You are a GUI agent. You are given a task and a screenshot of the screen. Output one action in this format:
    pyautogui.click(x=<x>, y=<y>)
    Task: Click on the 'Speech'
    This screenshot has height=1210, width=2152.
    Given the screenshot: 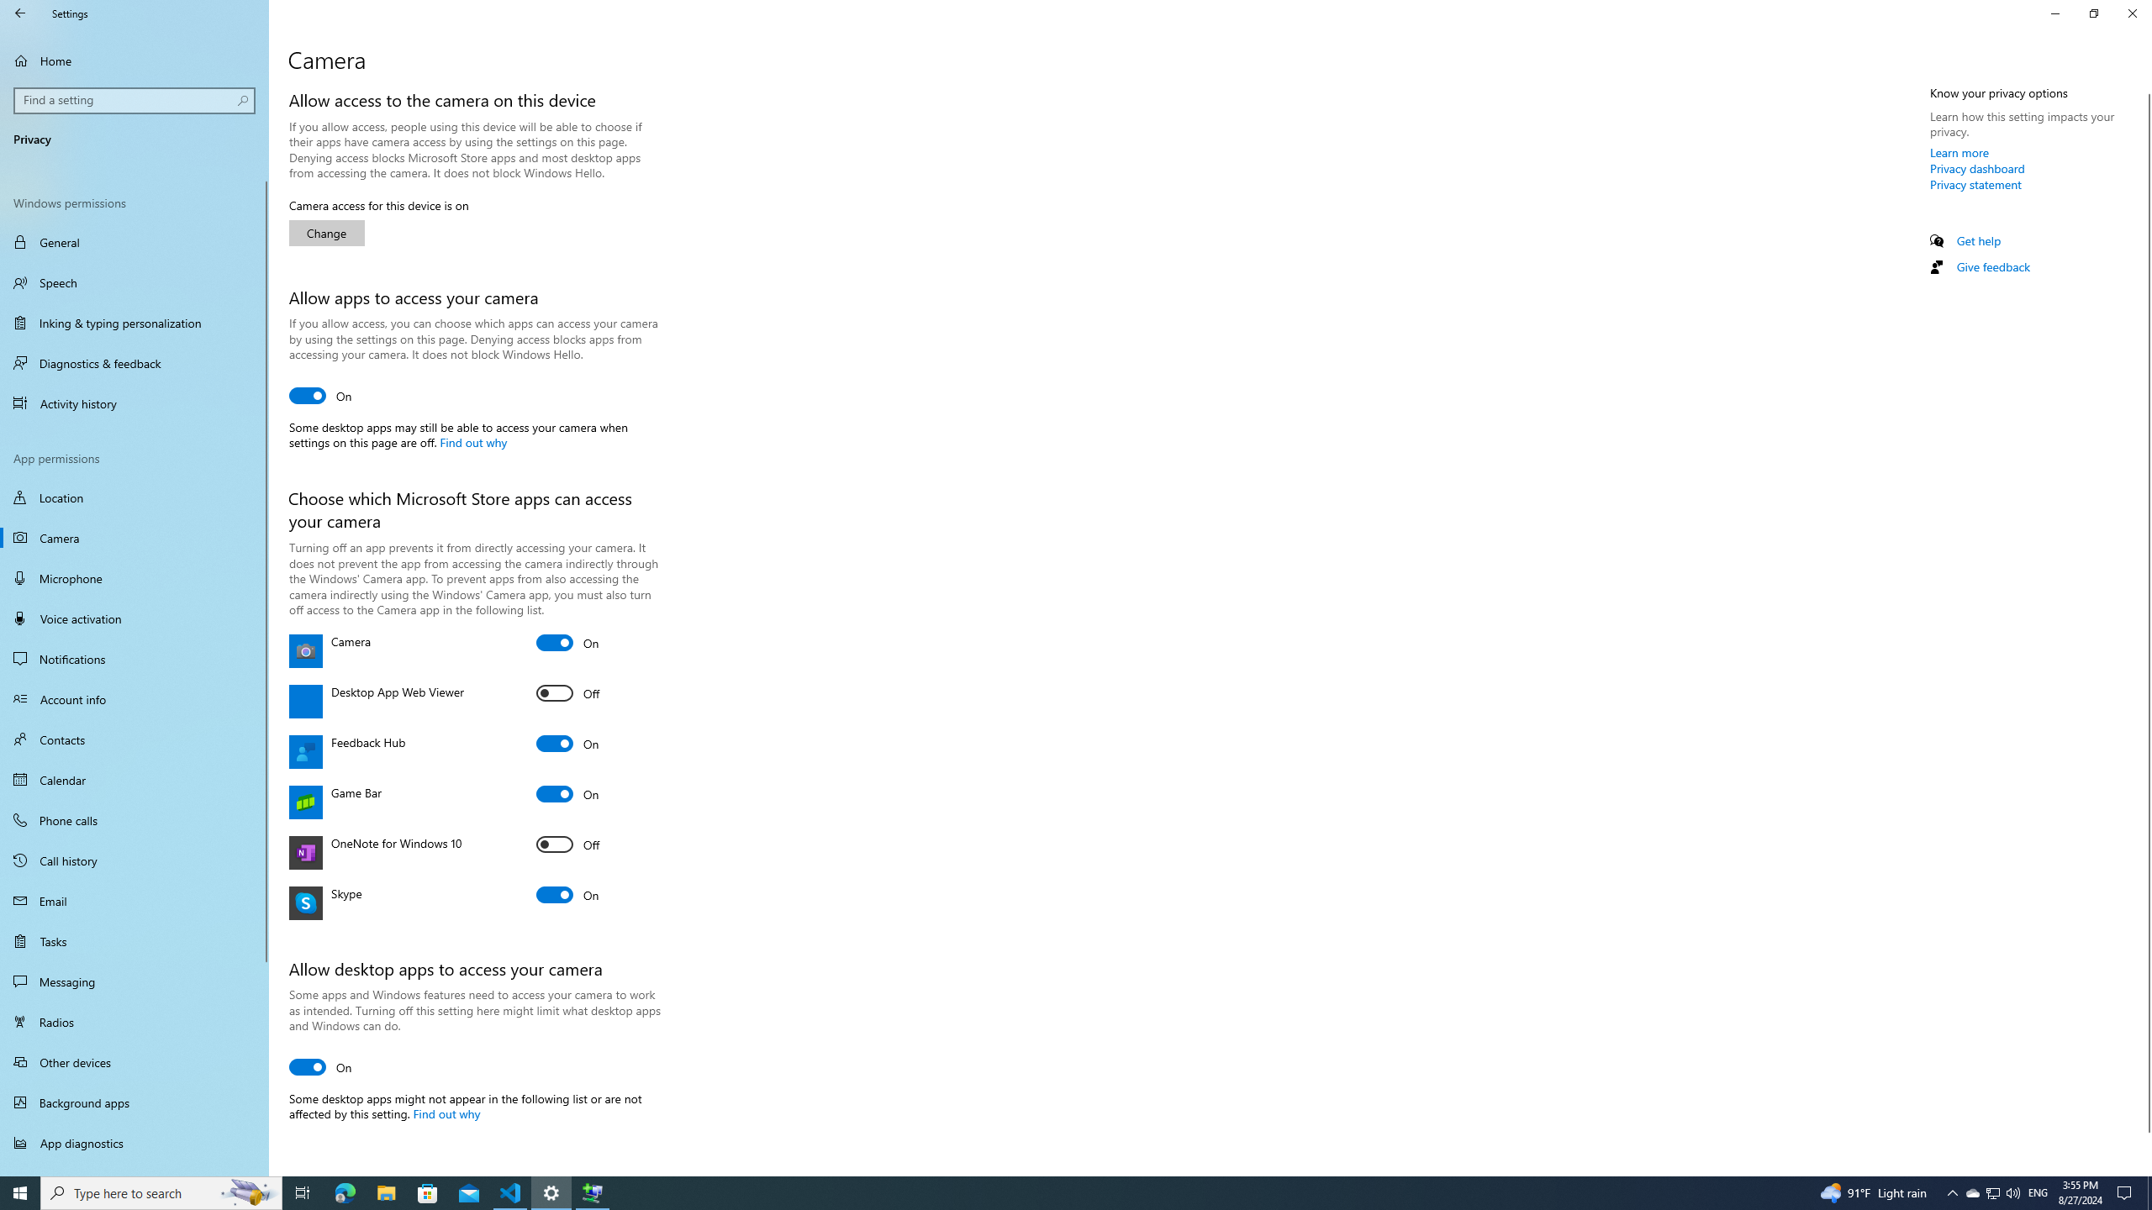 What is the action you would take?
    pyautogui.click(x=134, y=282)
    